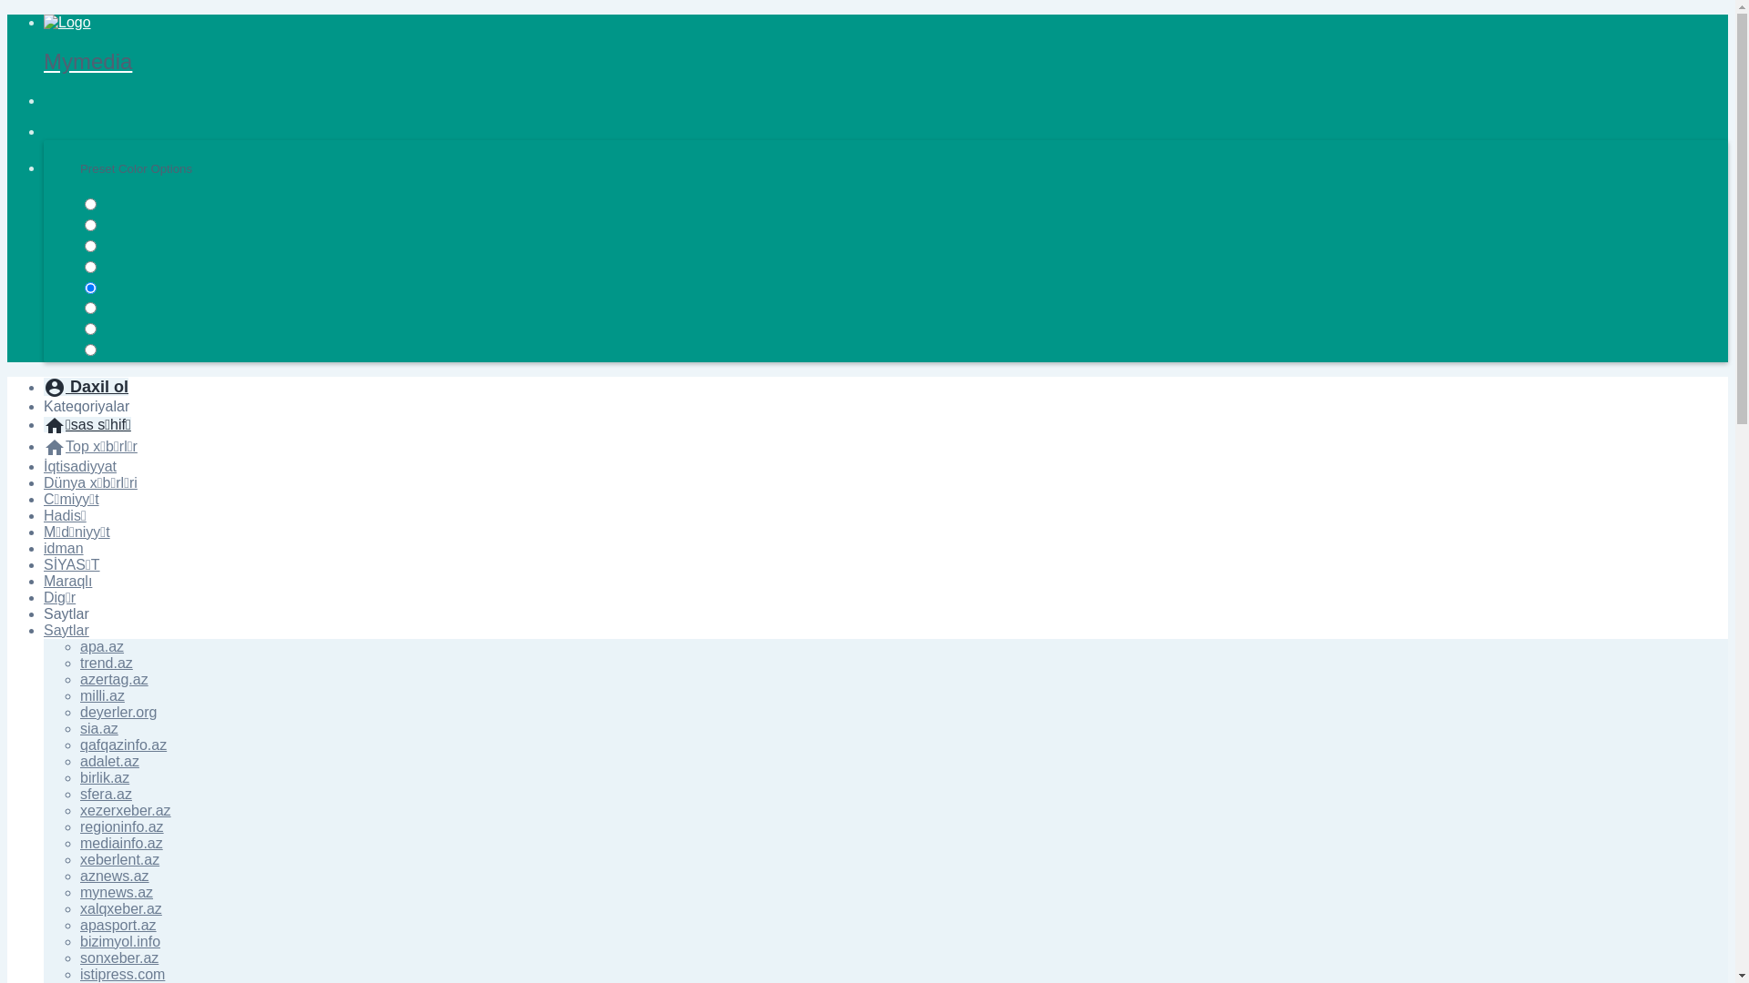 The height and width of the screenshot is (983, 1749). I want to click on 'qafqazinfo.az', so click(122, 745).